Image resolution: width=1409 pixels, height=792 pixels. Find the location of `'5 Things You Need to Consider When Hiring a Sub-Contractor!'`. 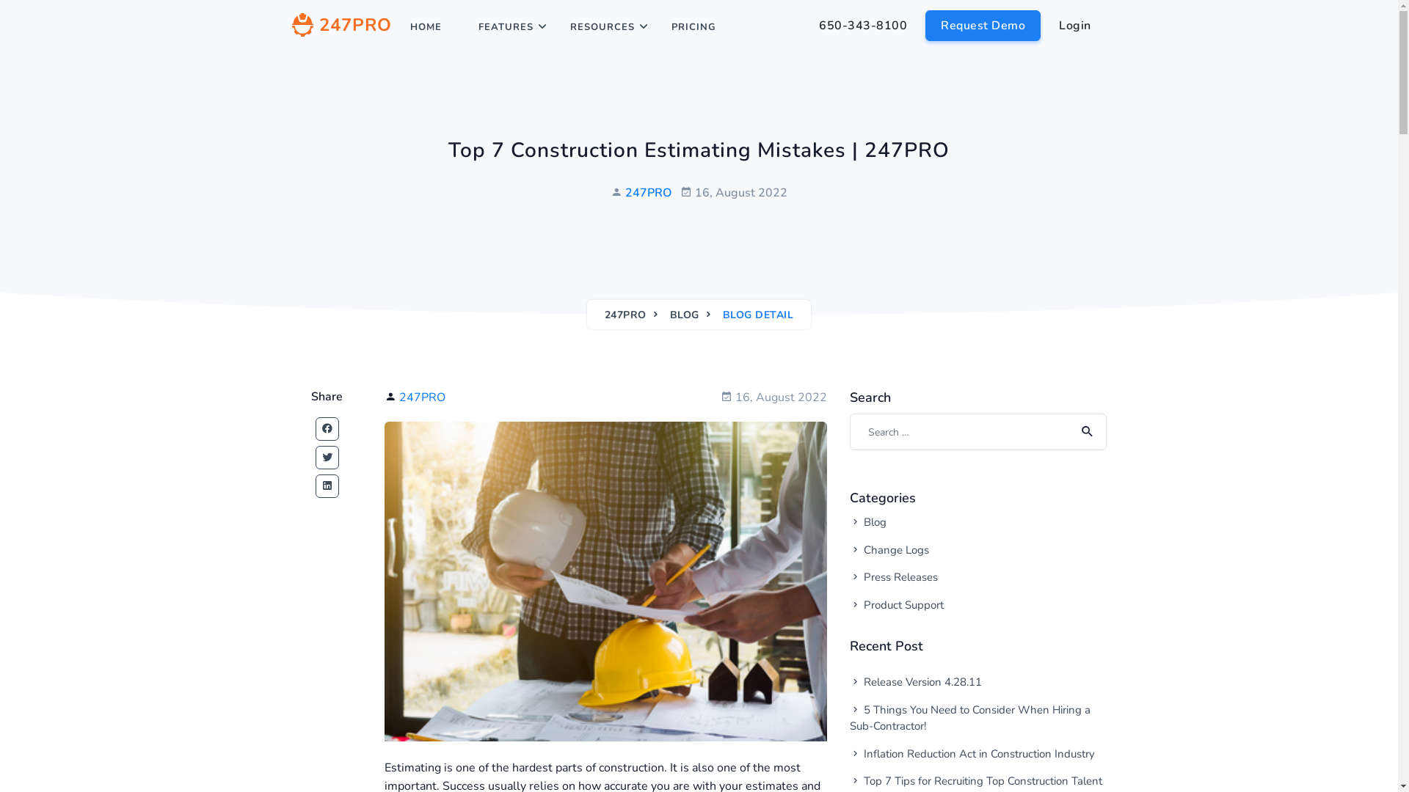

'5 Things You Need to Consider When Hiring a Sub-Contractor!' is located at coordinates (978, 716).